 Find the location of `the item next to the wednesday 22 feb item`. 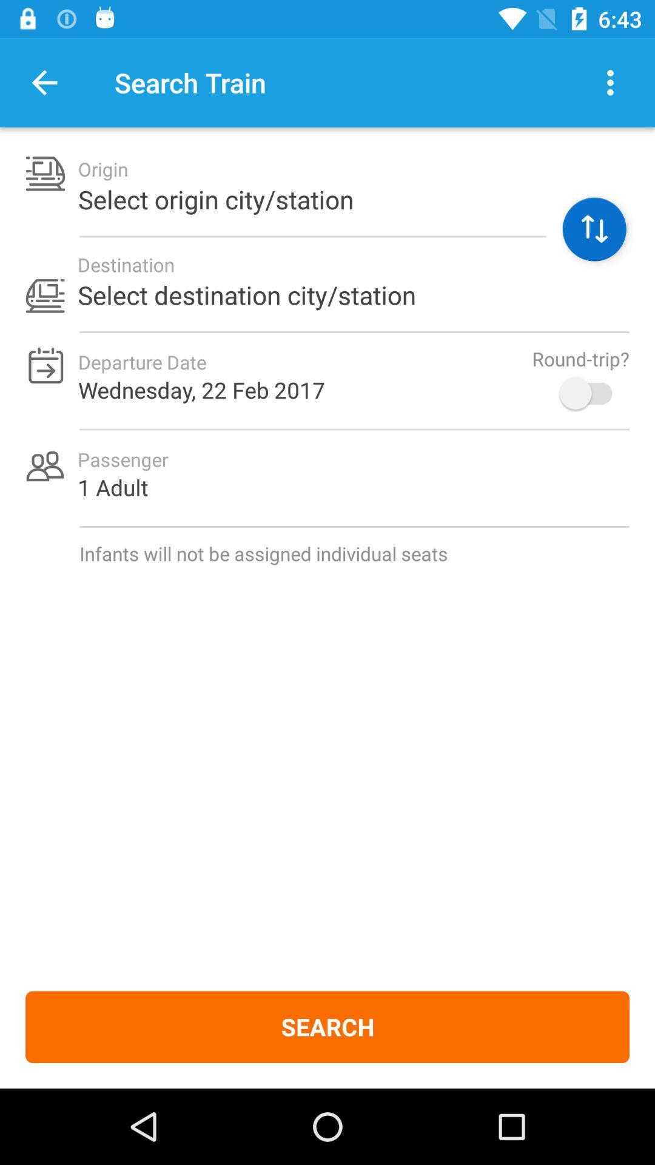

the item next to the wednesday 22 feb item is located at coordinates (591, 393).